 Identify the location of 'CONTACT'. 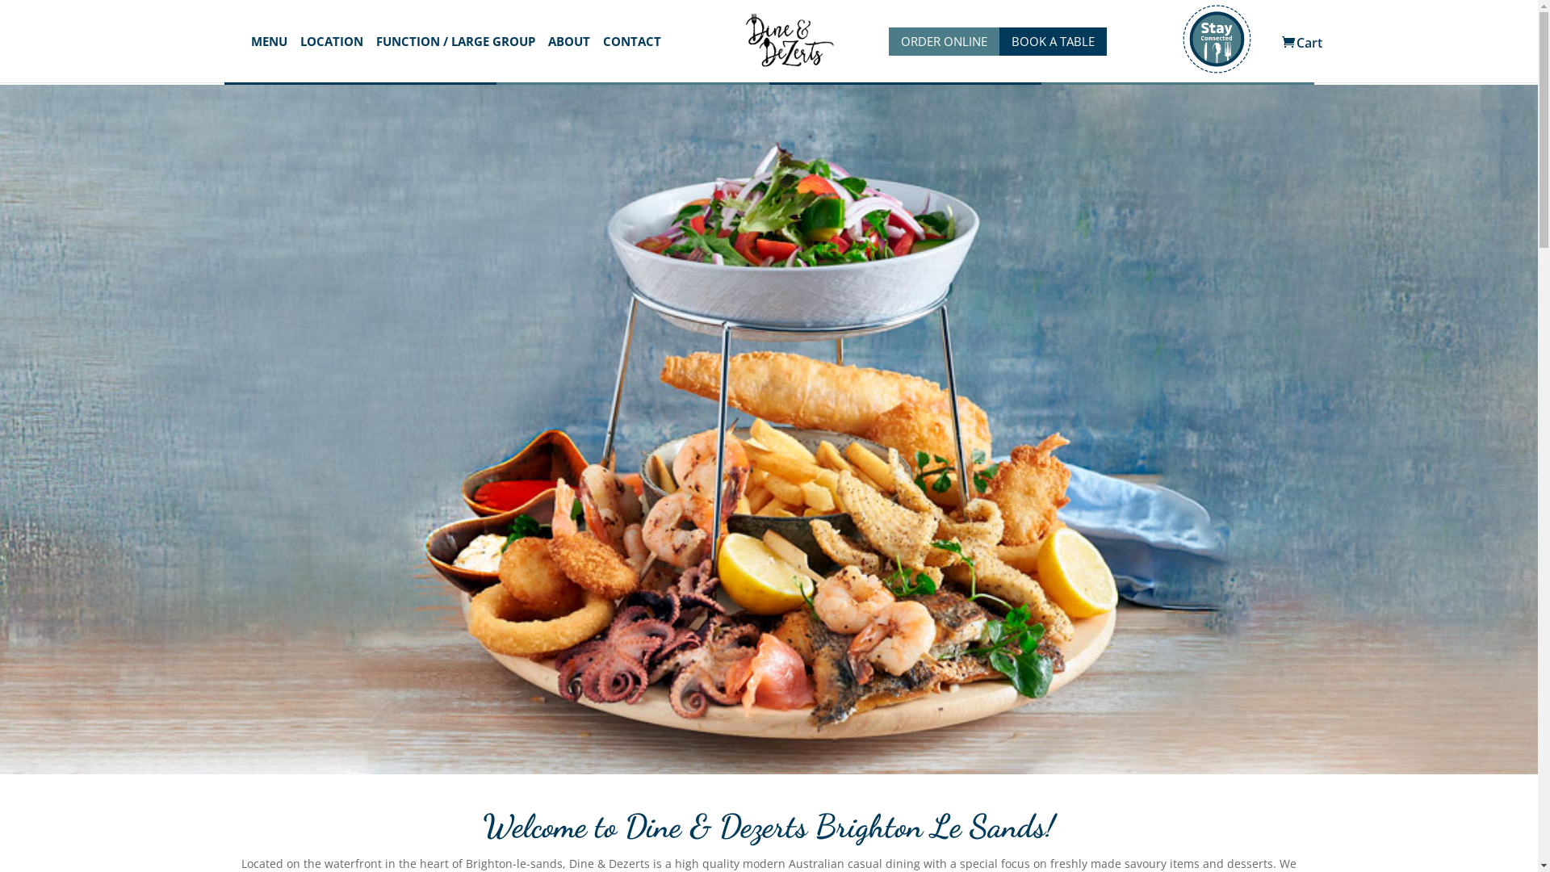
(630, 58).